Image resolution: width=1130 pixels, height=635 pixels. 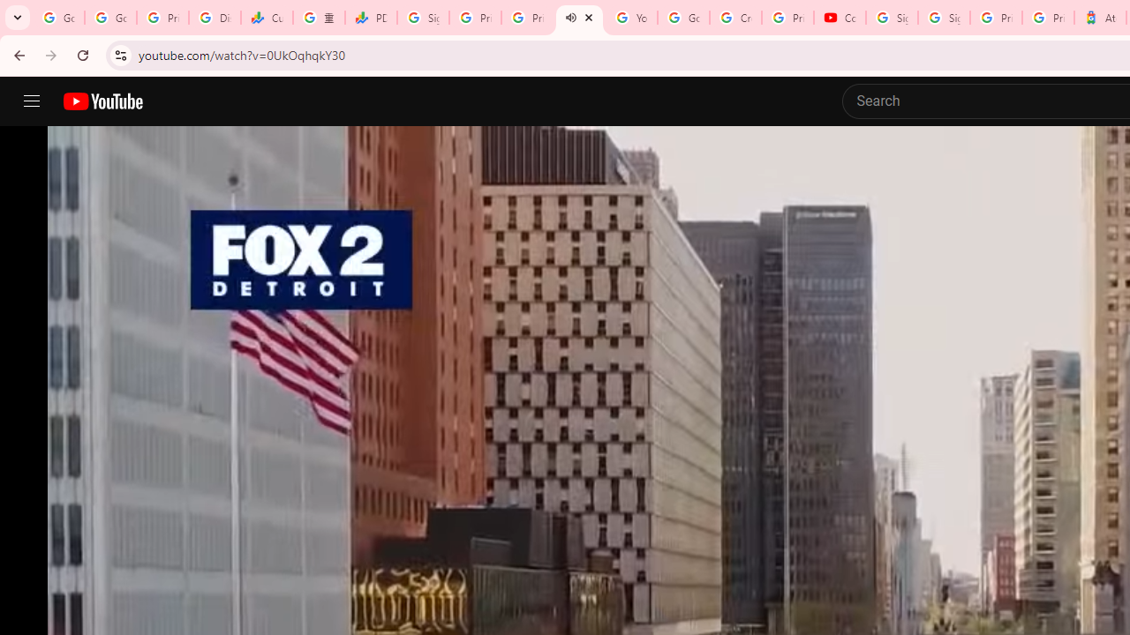 What do you see at coordinates (839, 18) in the screenshot?
I see `'Content Creator Programs & Opportunities - YouTube Creators'` at bounding box center [839, 18].